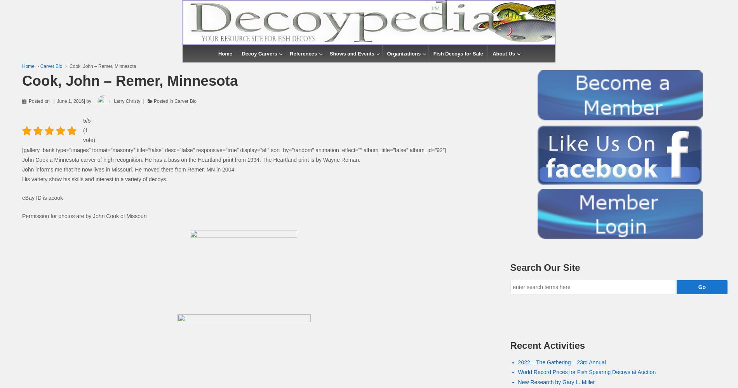 This screenshot has width=738, height=388. What do you see at coordinates (84, 216) in the screenshot?
I see `'Permission for photos are by John Cook of Missouri'` at bounding box center [84, 216].